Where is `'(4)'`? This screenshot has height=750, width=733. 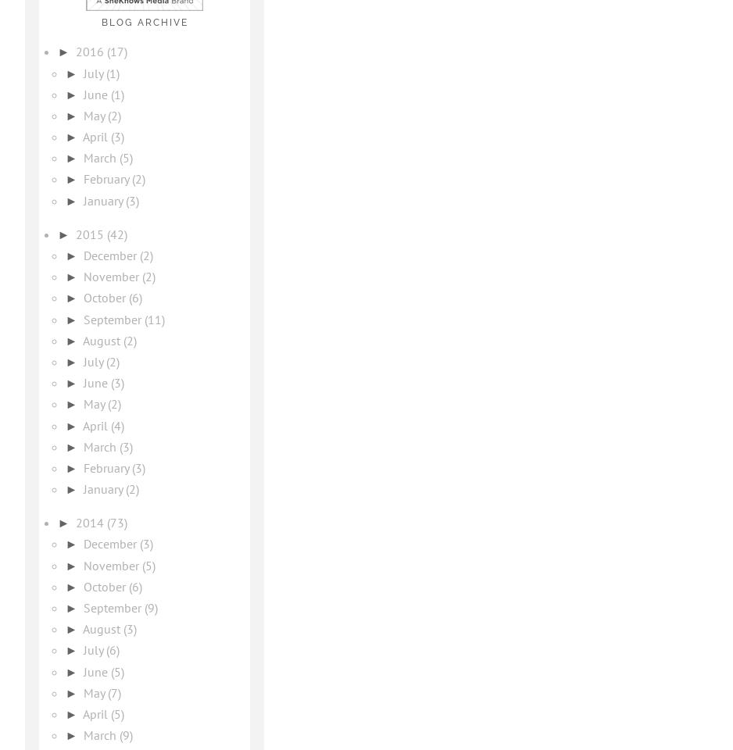
'(4)' is located at coordinates (117, 425).